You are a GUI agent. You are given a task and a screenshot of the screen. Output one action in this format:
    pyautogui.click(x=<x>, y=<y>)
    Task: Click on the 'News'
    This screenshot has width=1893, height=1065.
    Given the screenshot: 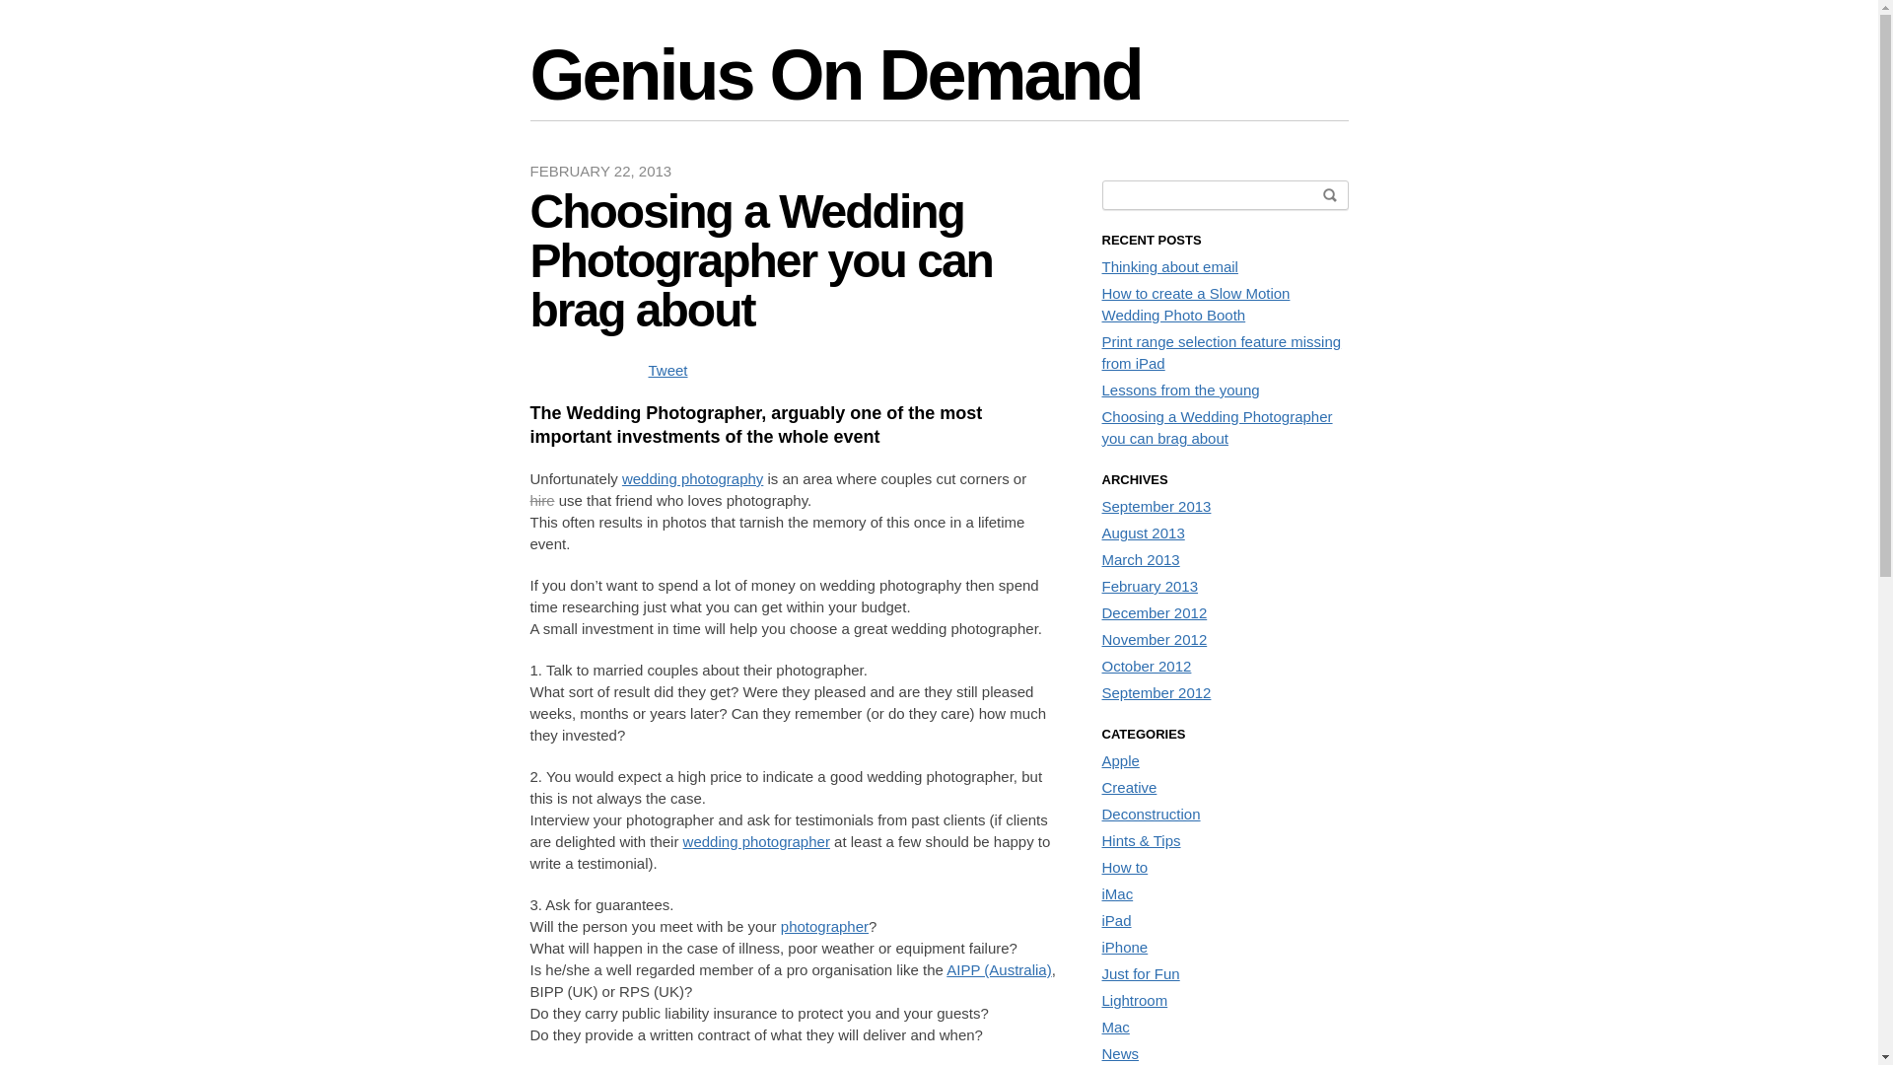 What is the action you would take?
    pyautogui.click(x=1101, y=1052)
    